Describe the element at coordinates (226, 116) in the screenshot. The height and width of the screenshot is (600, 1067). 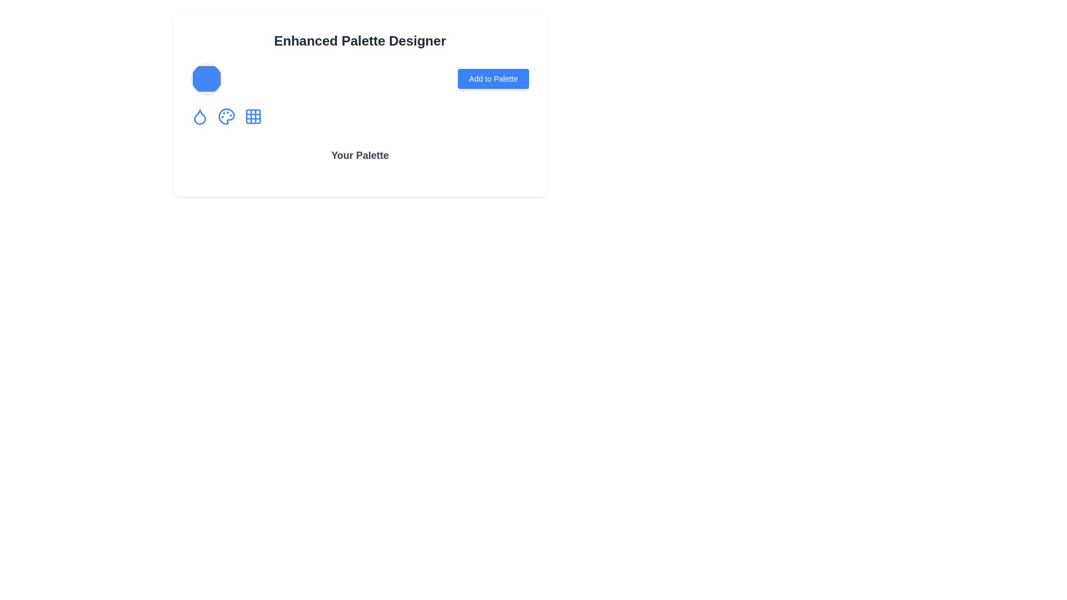
I see `the blue palette icon with a paint palette shape and colorful paint spots in the center of the UI to interact or trigger an action` at that location.